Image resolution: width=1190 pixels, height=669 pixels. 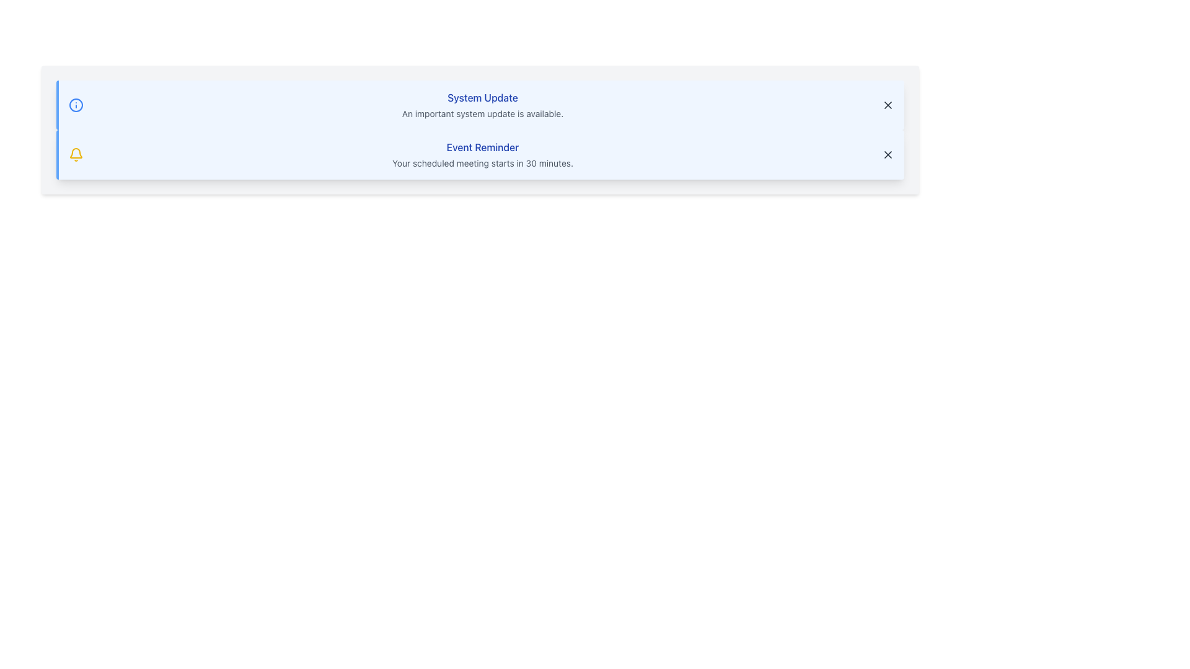 What do you see at coordinates (482, 97) in the screenshot?
I see `the 'System Update' text label, which is styled with a medium font weight and blue color, located at the upper part of a notification card` at bounding box center [482, 97].